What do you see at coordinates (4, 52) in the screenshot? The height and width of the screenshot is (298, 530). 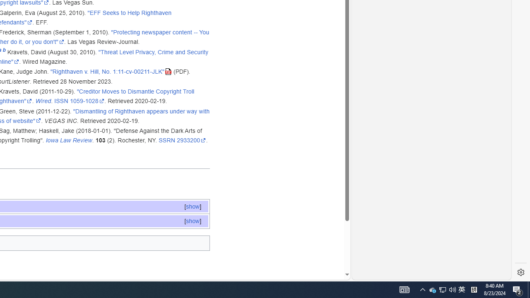 I see `'b'` at bounding box center [4, 52].